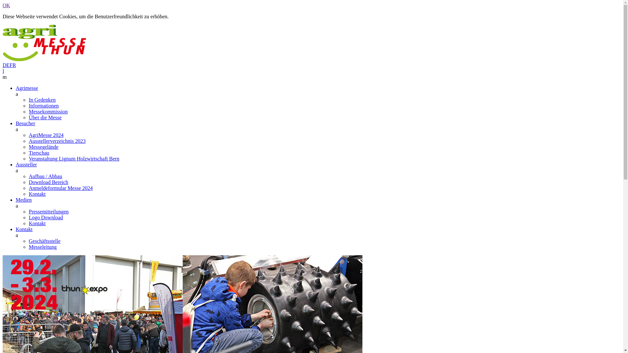 Image resolution: width=628 pixels, height=353 pixels. What do you see at coordinates (39, 153) in the screenshot?
I see `'Tierschau'` at bounding box center [39, 153].